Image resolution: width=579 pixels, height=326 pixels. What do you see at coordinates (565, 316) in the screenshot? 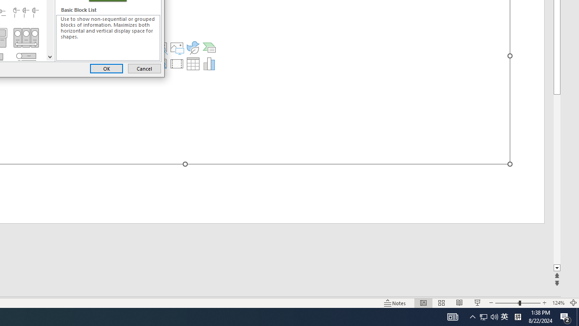
I see `'Action Center, 2 new notifications'` at bounding box center [565, 316].